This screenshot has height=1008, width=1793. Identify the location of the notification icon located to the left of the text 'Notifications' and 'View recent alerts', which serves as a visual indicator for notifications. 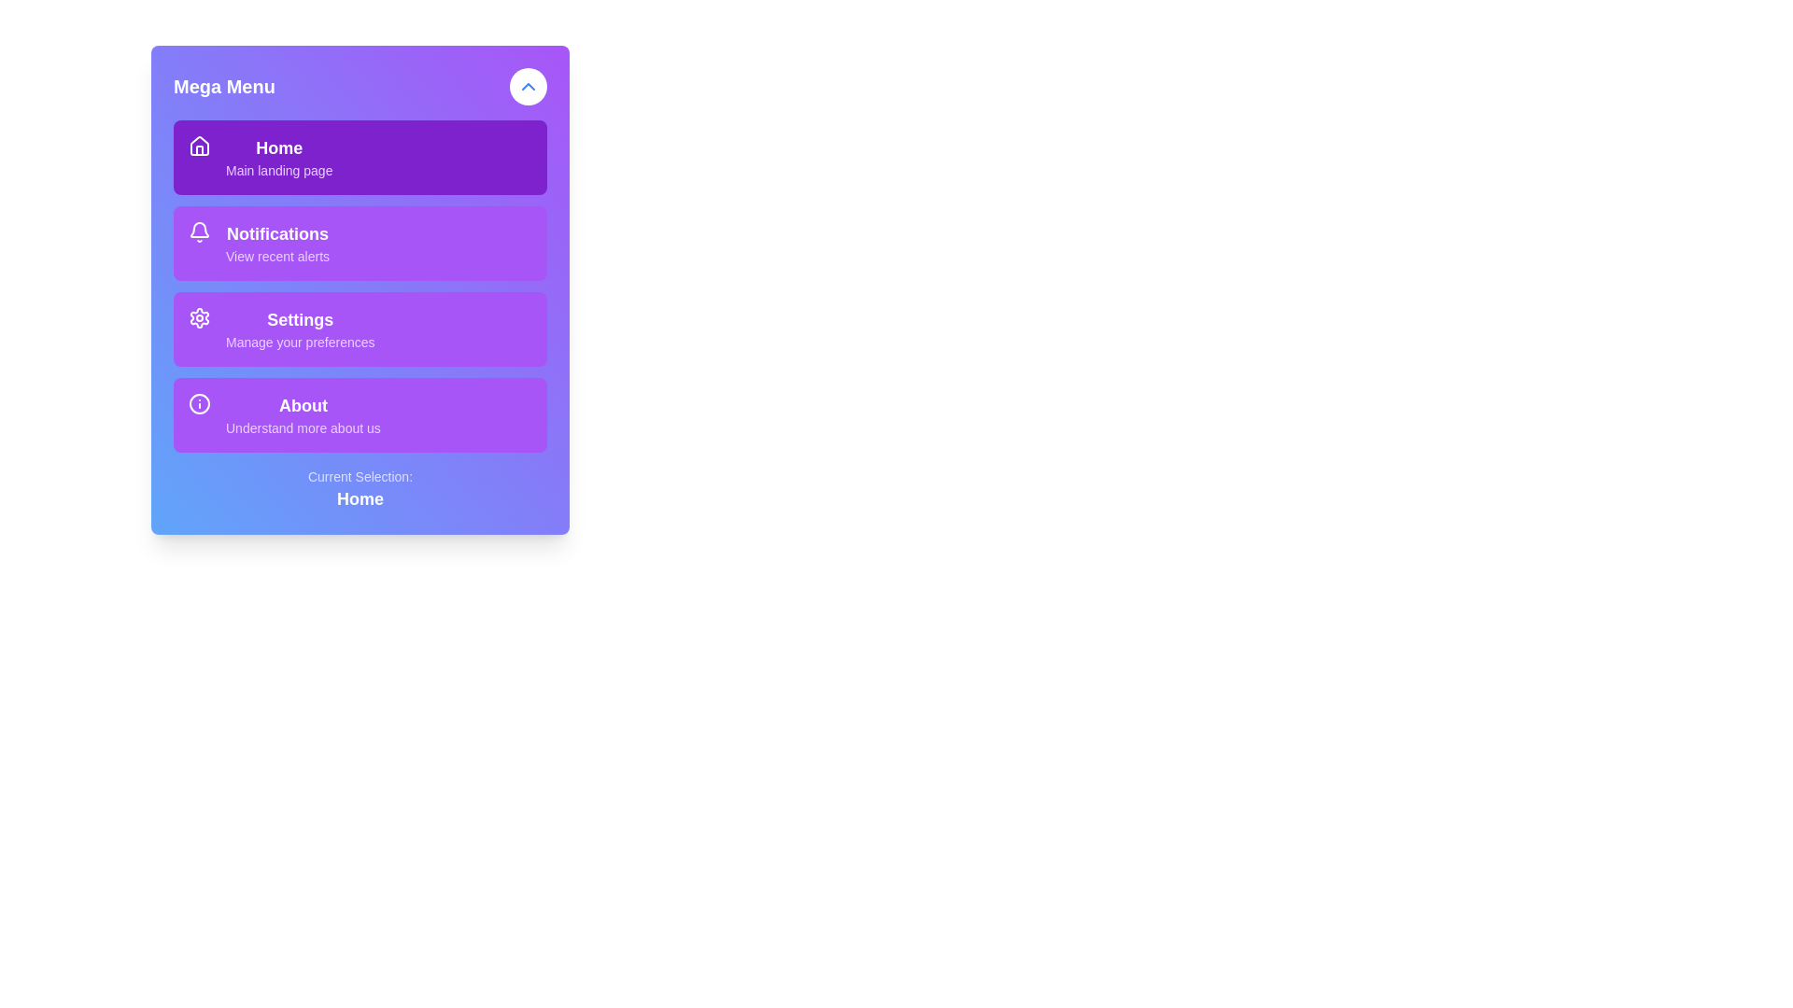
(200, 231).